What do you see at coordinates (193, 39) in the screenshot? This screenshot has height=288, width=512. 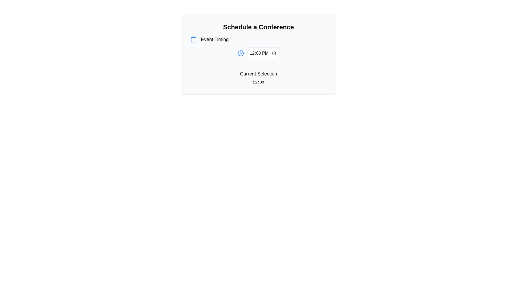 I see `the calendar icon with blue outlines and a white background located to the left of the 'Event Timing' text in the 'Schedule a Conference' section` at bounding box center [193, 39].